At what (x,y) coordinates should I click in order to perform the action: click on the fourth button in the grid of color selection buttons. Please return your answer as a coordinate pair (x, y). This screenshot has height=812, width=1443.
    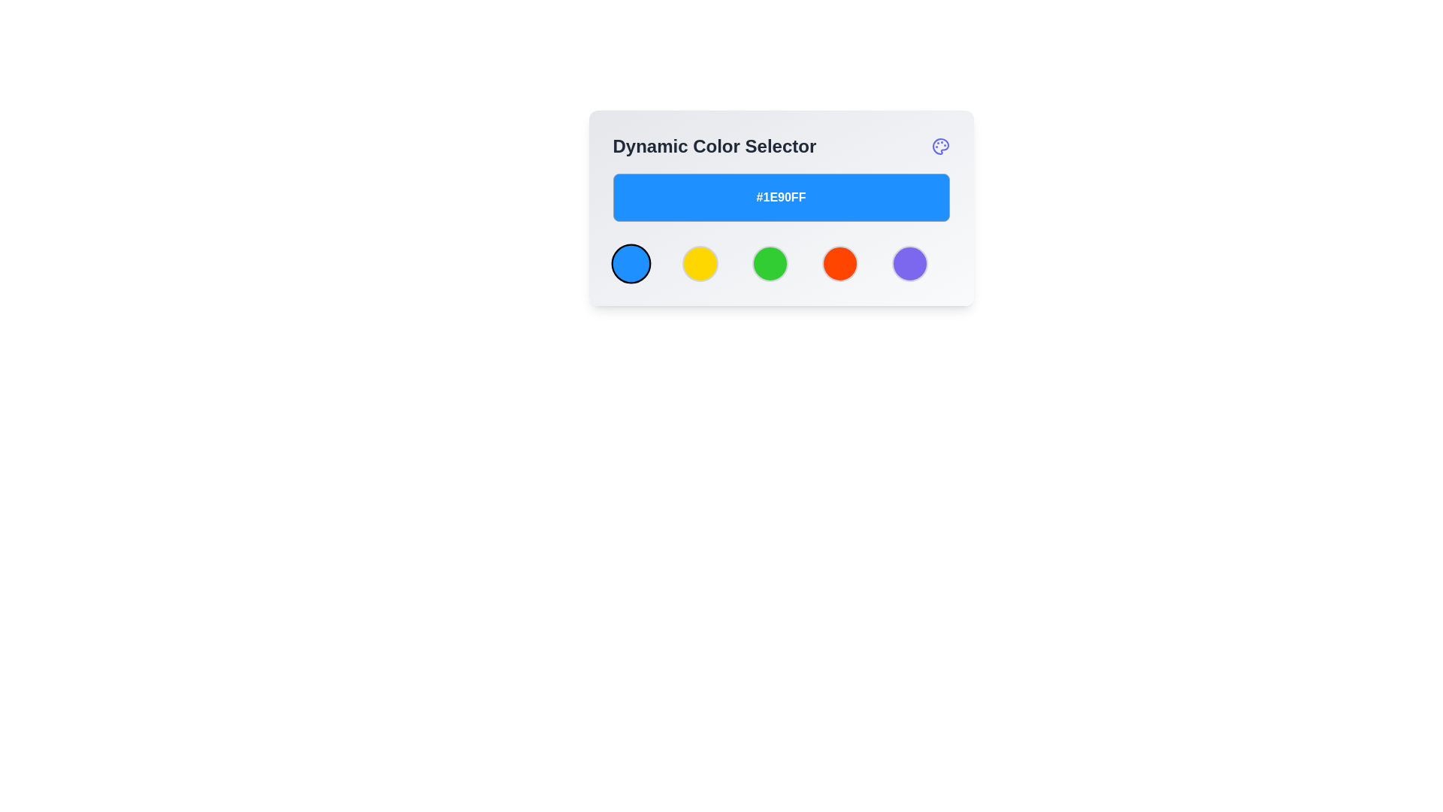
    Looking at the image, I should click on (839, 263).